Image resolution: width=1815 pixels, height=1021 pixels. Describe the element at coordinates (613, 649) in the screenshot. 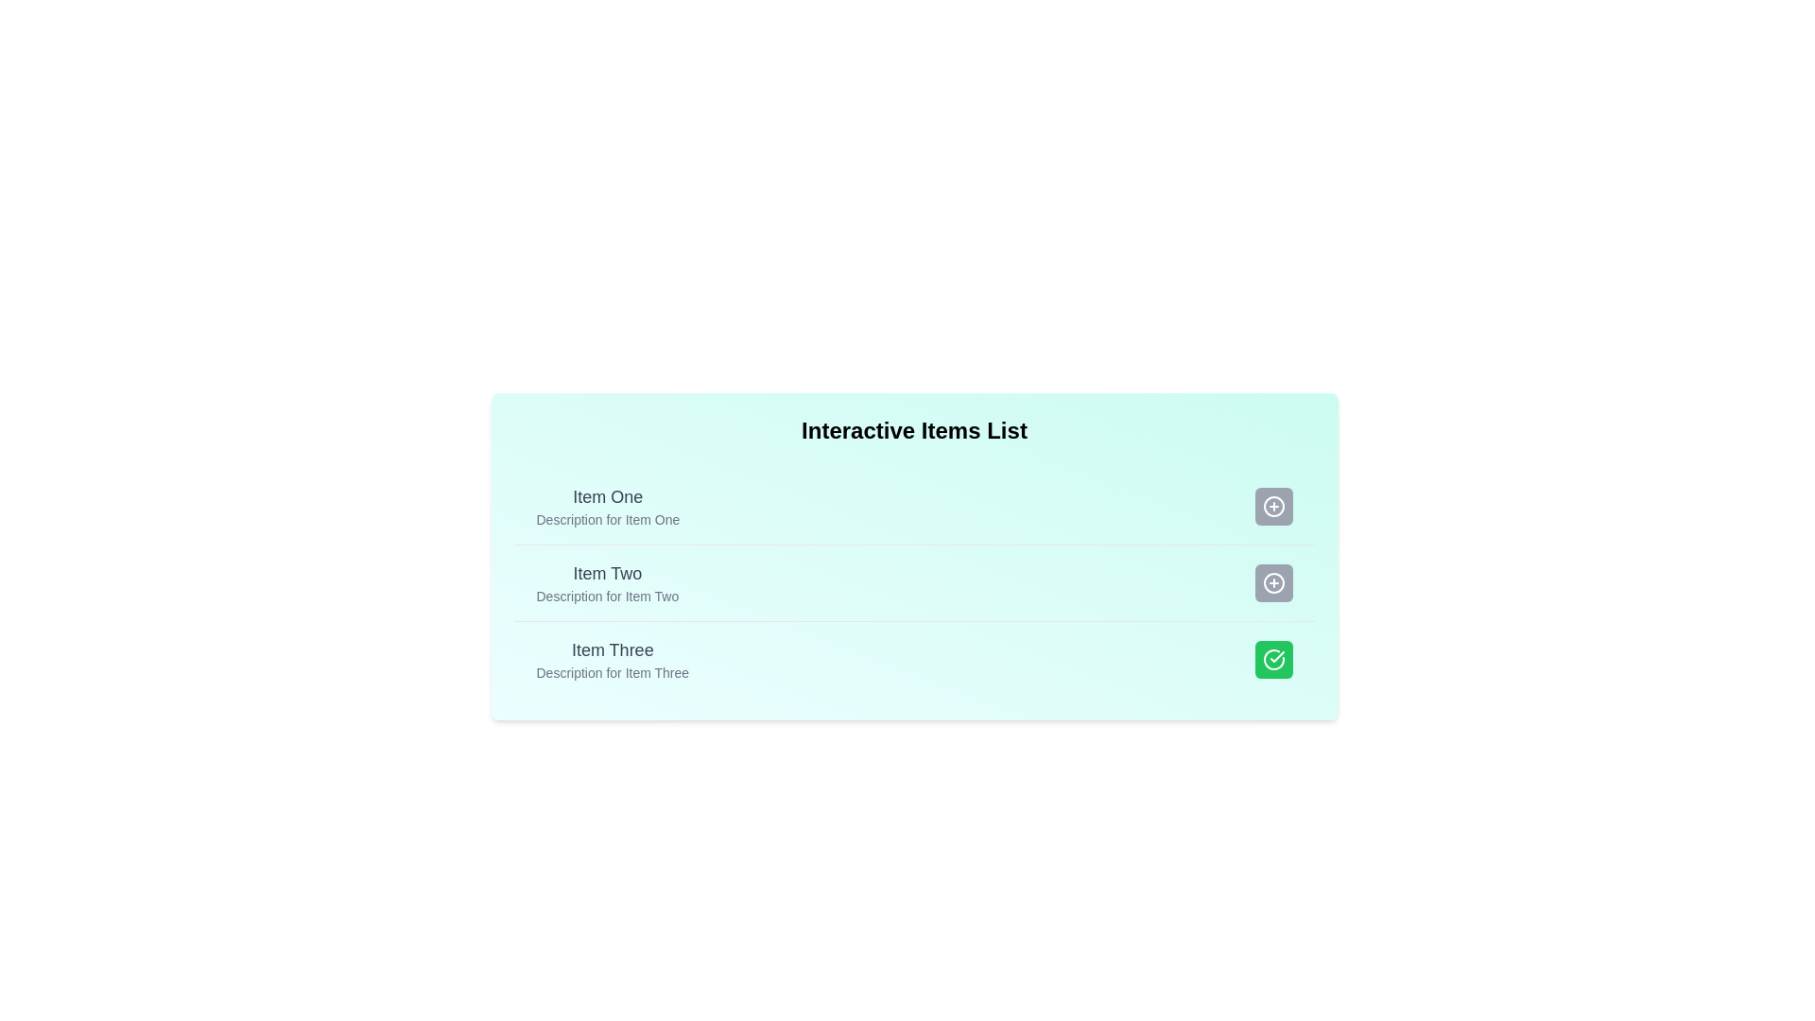

I see `the title or description of Item Three to observe the tooltip or effect` at that location.